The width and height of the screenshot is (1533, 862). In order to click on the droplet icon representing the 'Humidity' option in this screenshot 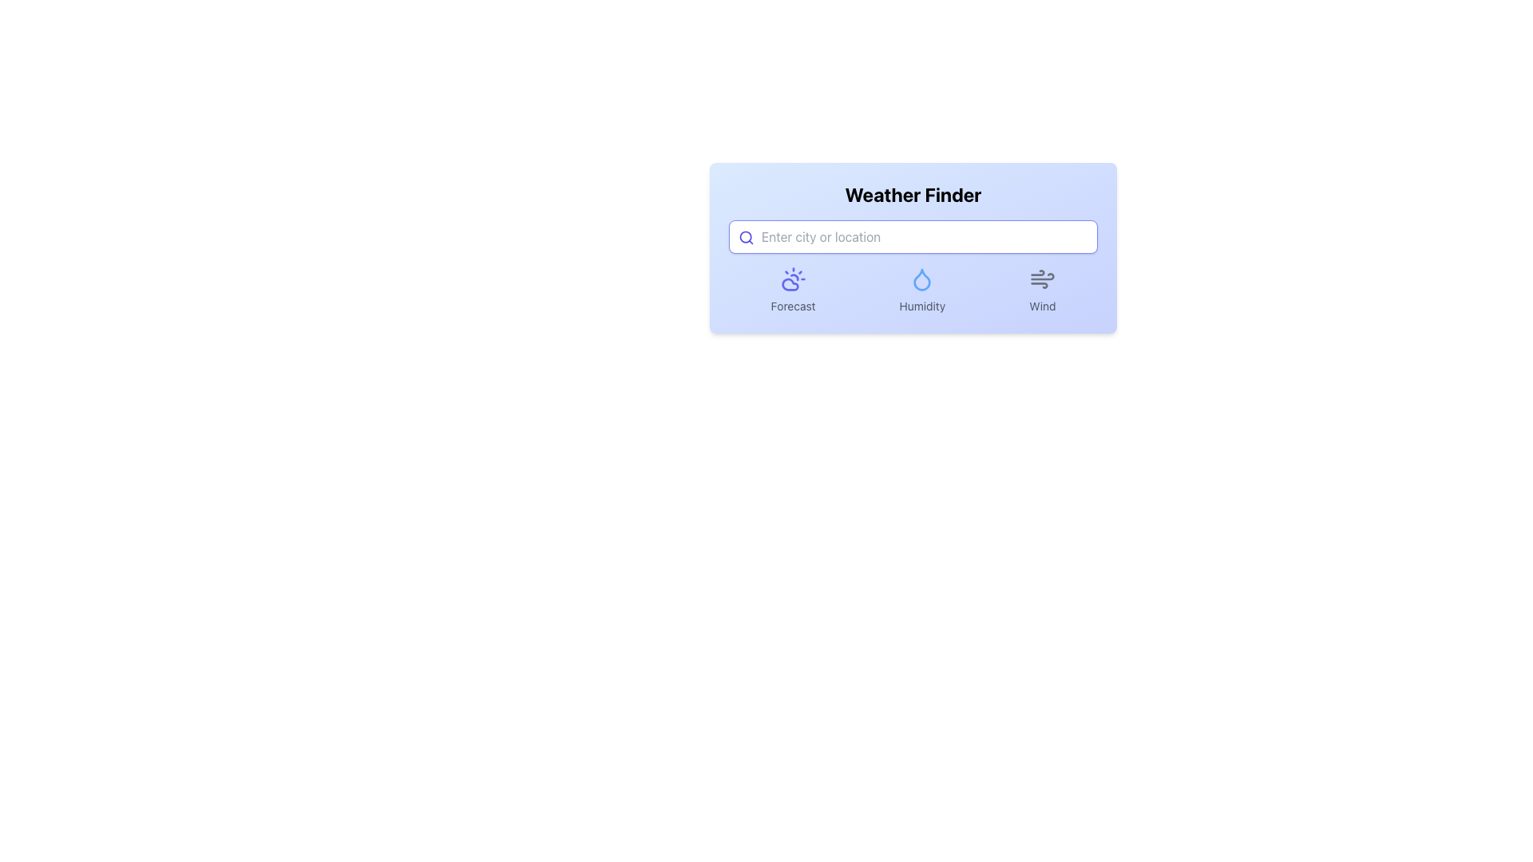, I will do `click(922, 279)`.